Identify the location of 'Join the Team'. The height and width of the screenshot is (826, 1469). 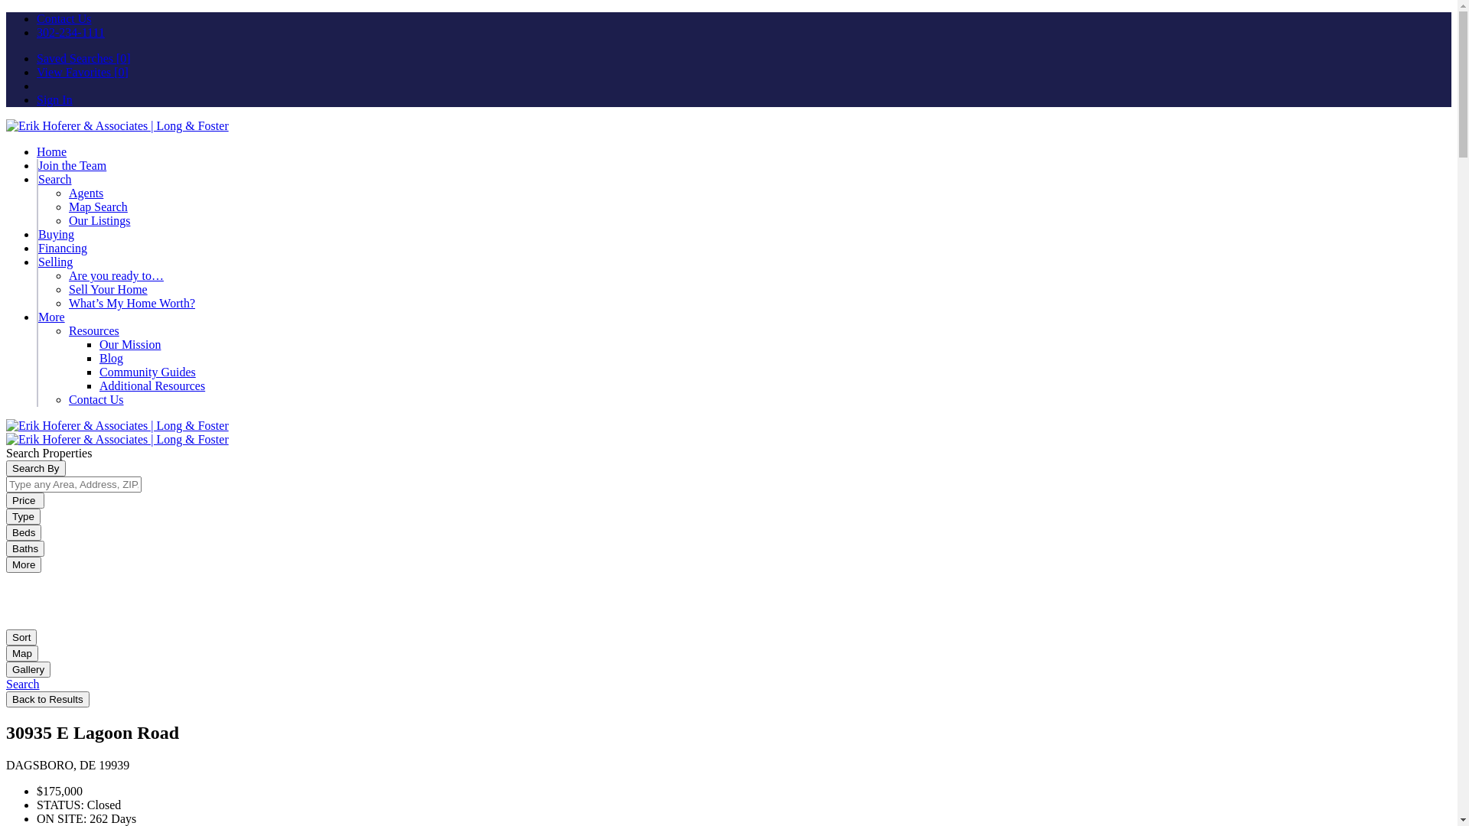
(71, 165).